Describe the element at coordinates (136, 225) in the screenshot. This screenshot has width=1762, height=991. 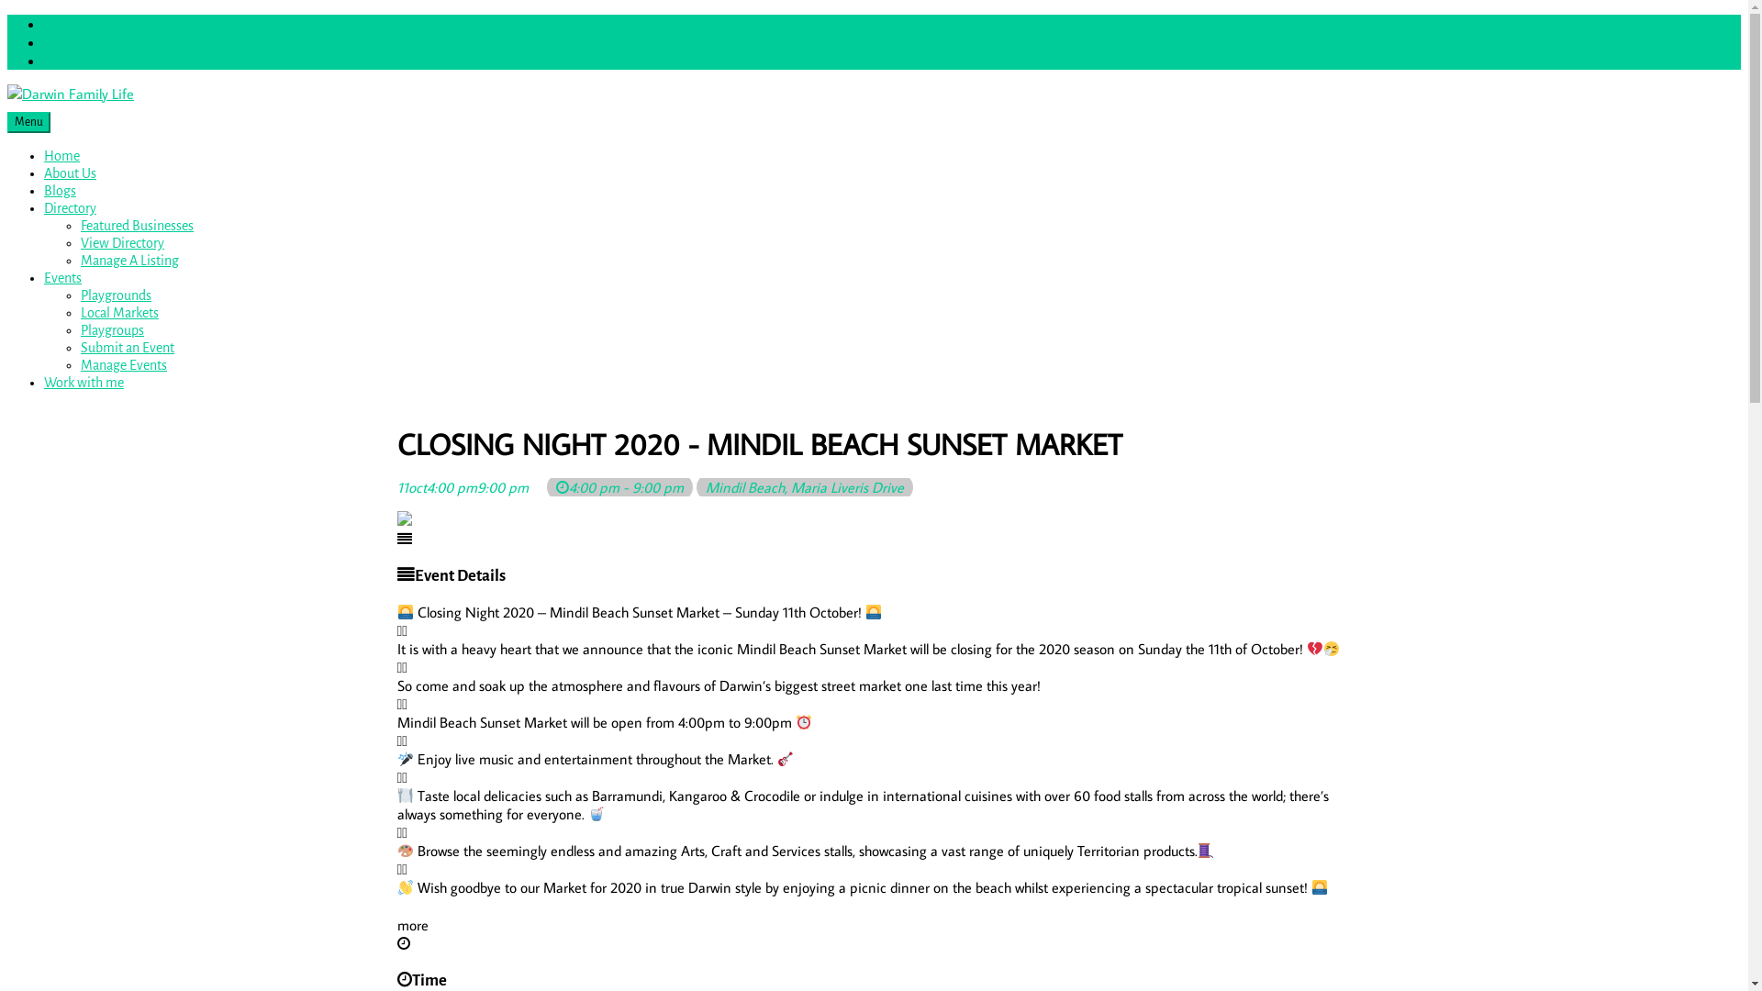
I see `'Featured Businesses'` at that location.